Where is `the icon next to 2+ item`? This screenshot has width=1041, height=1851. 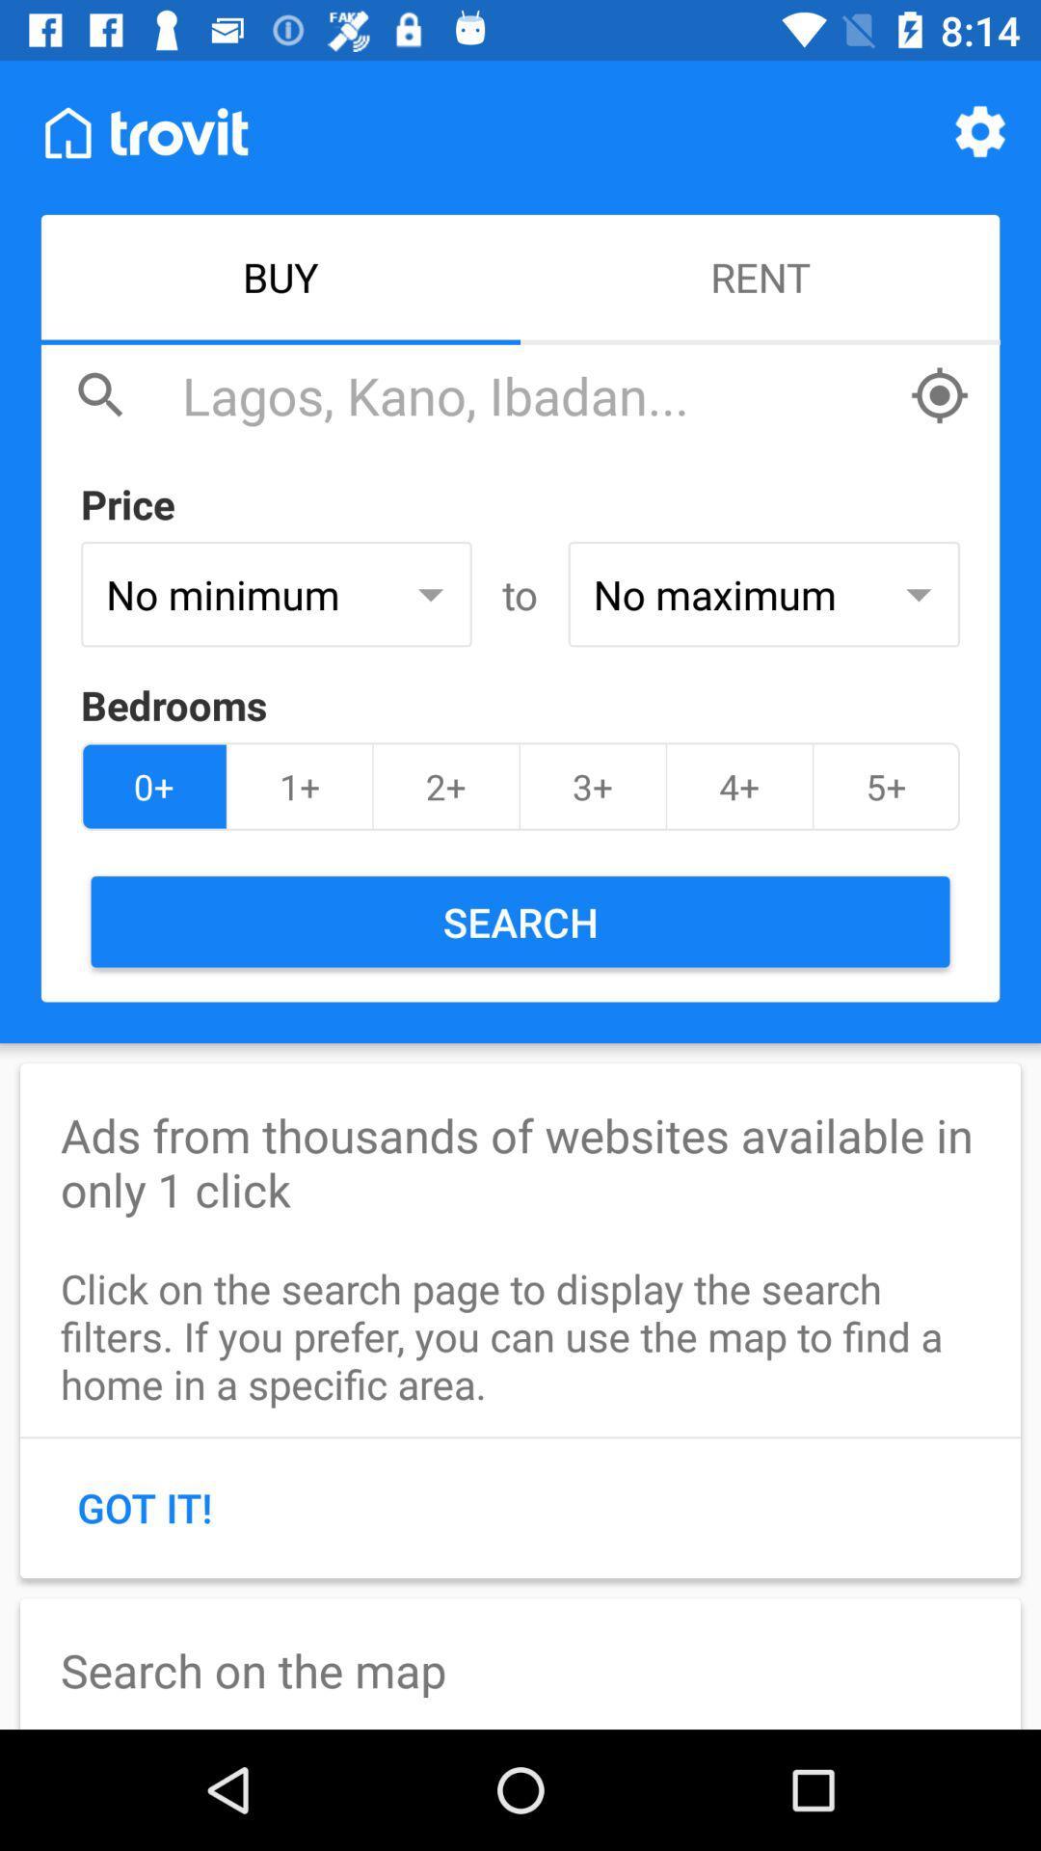
the icon next to 2+ item is located at coordinates (592, 787).